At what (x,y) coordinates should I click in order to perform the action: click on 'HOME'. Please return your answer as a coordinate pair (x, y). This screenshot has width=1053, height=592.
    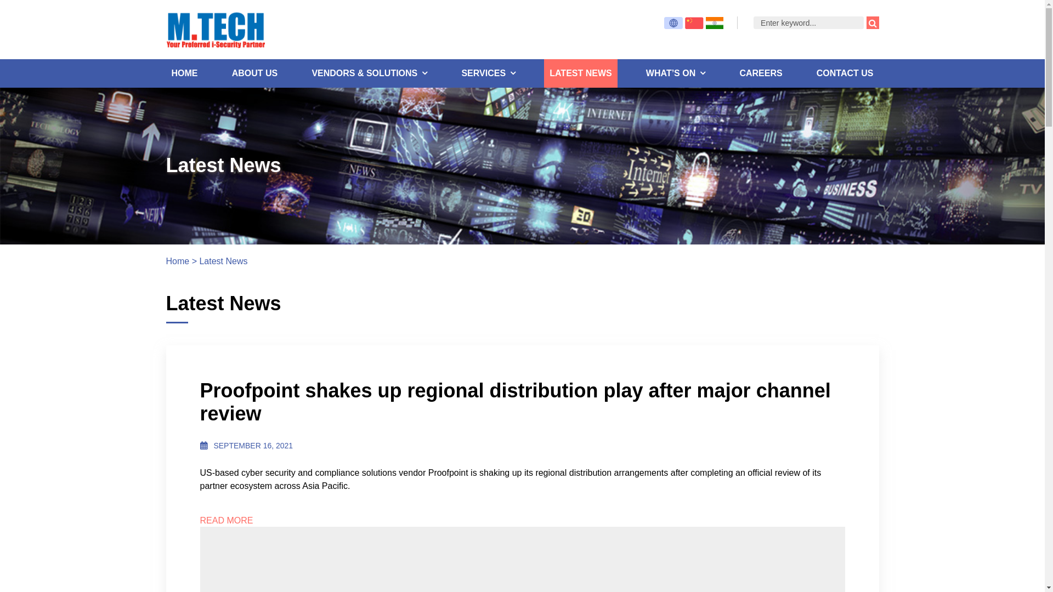
    Looking at the image, I should click on (184, 73).